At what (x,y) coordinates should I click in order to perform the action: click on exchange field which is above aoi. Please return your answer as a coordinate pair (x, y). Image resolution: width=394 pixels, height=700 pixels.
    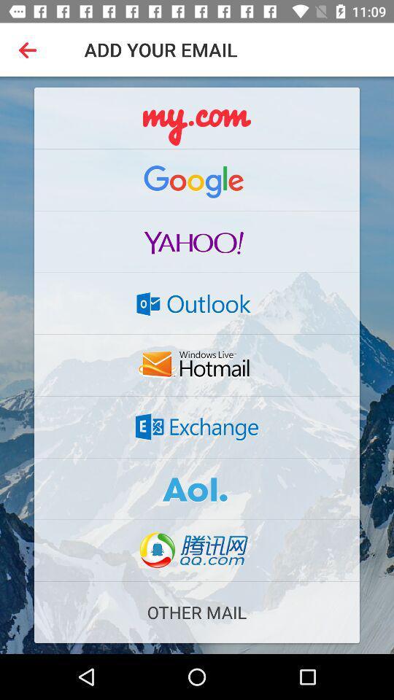
    Looking at the image, I should click on (197, 427).